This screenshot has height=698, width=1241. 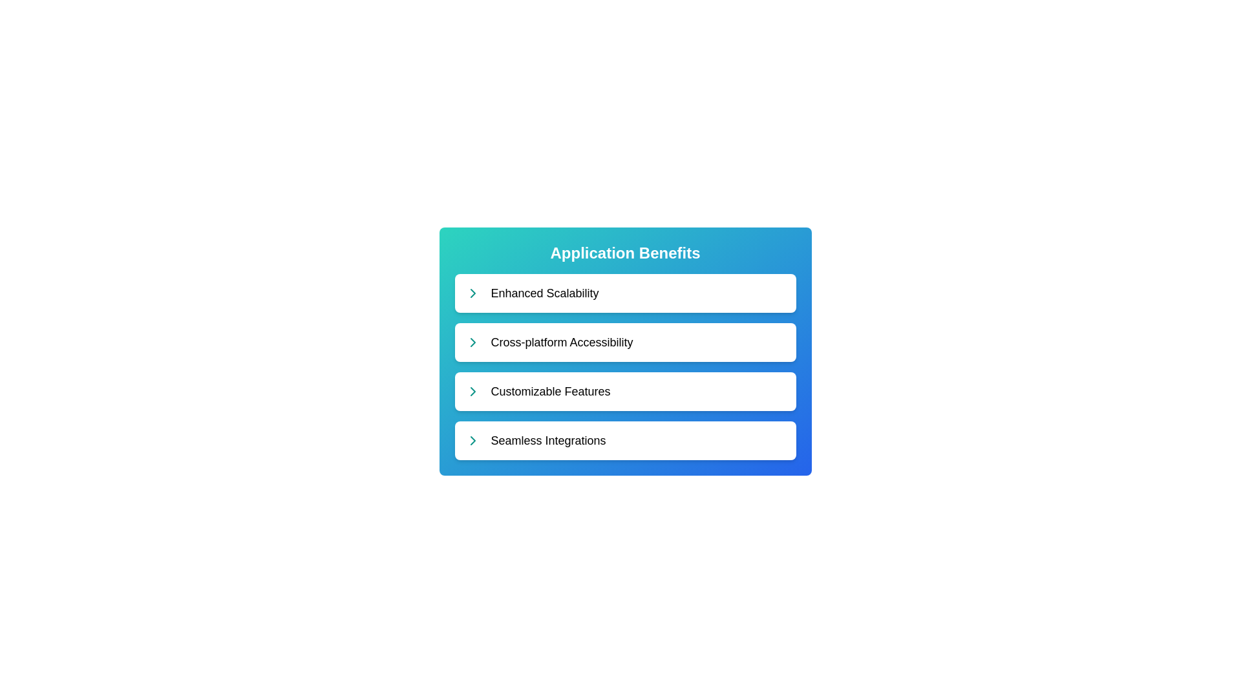 What do you see at coordinates (472, 390) in the screenshot?
I see `the green right-pointing chevron arrow icon at the start of the 'Customizable Features' row` at bounding box center [472, 390].